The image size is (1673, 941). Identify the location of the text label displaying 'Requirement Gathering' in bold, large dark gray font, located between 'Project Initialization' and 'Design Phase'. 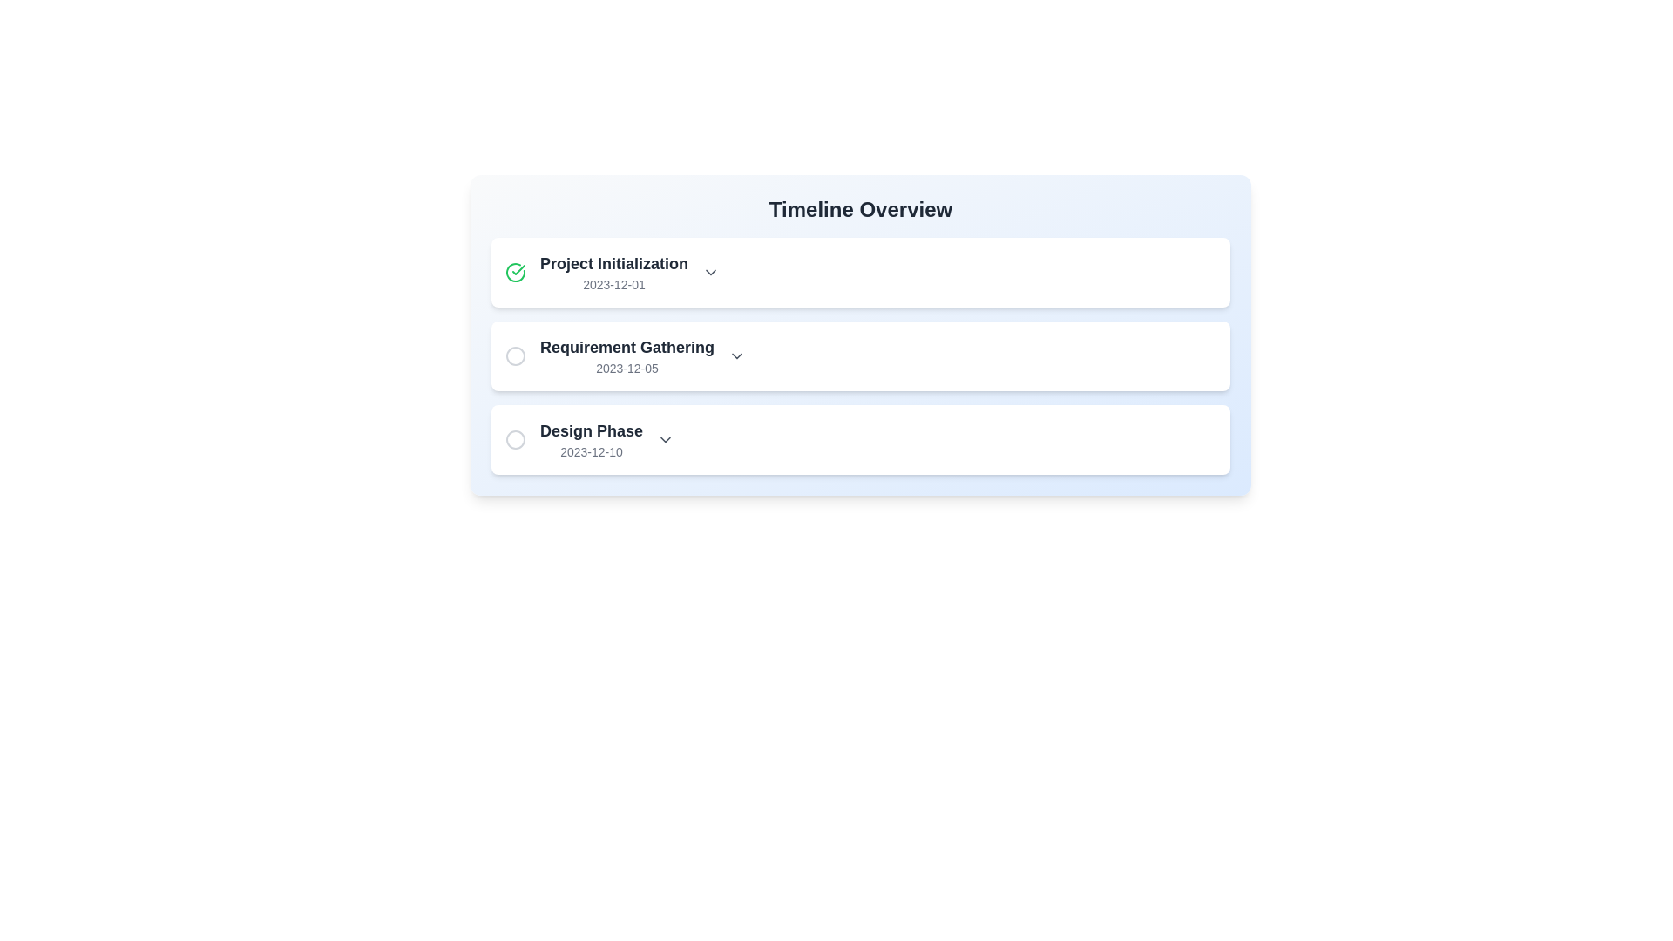
(627, 347).